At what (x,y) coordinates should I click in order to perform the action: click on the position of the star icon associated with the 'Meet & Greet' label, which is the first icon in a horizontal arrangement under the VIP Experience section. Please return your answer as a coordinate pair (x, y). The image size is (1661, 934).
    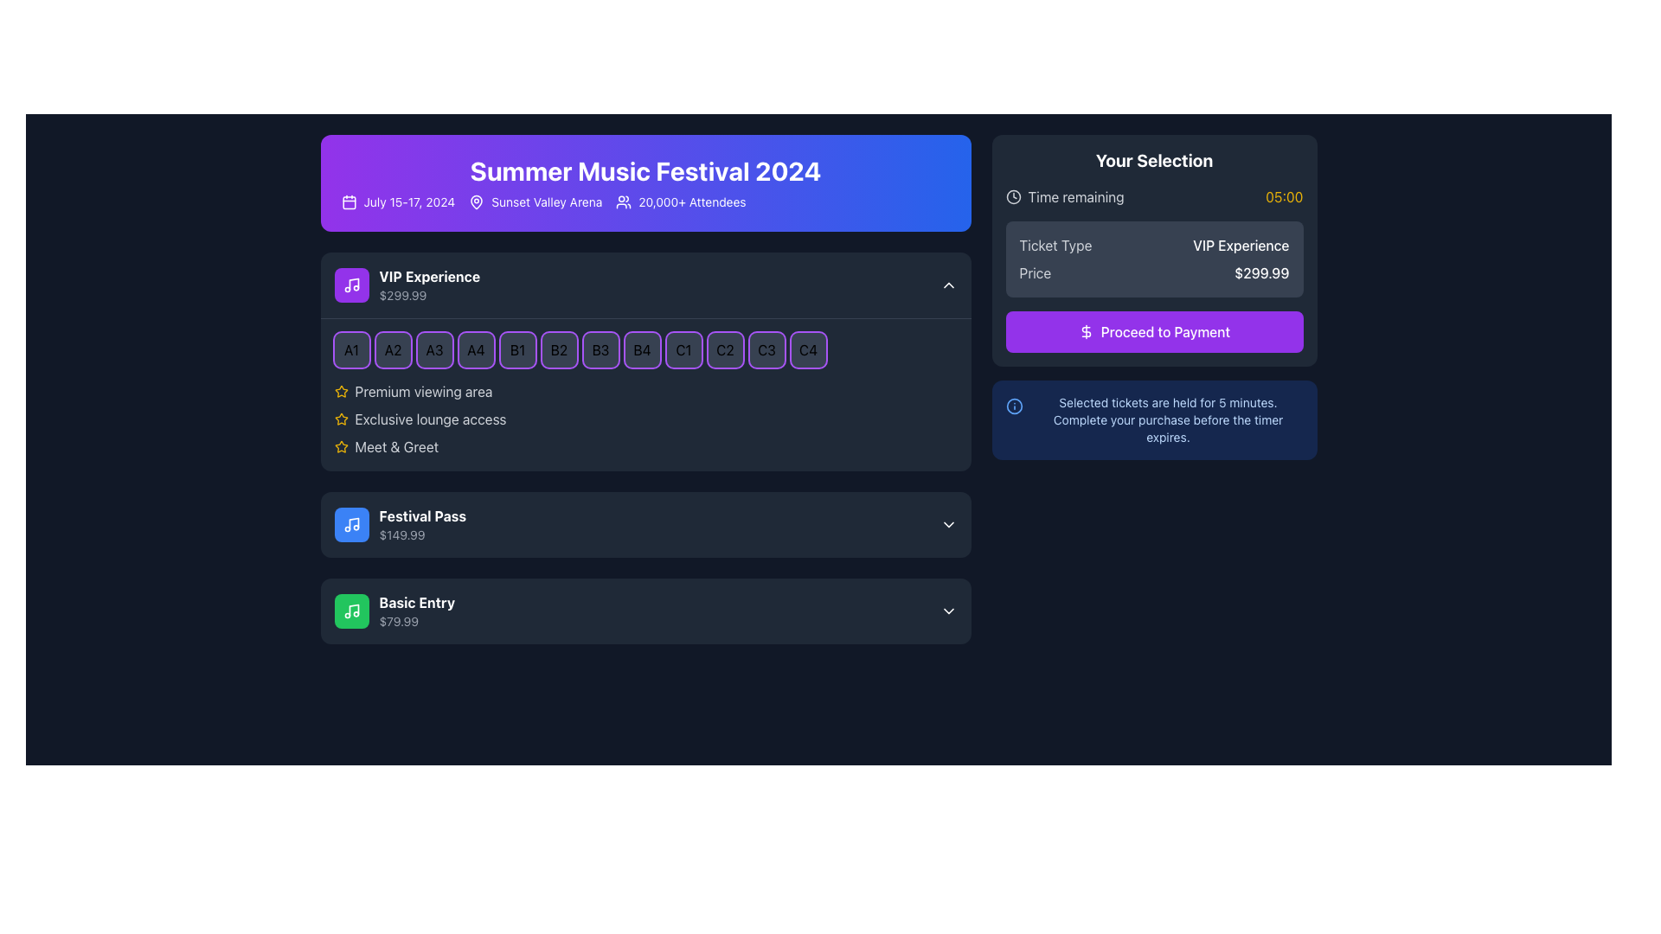
    Looking at the image, I should click on (341, 445).